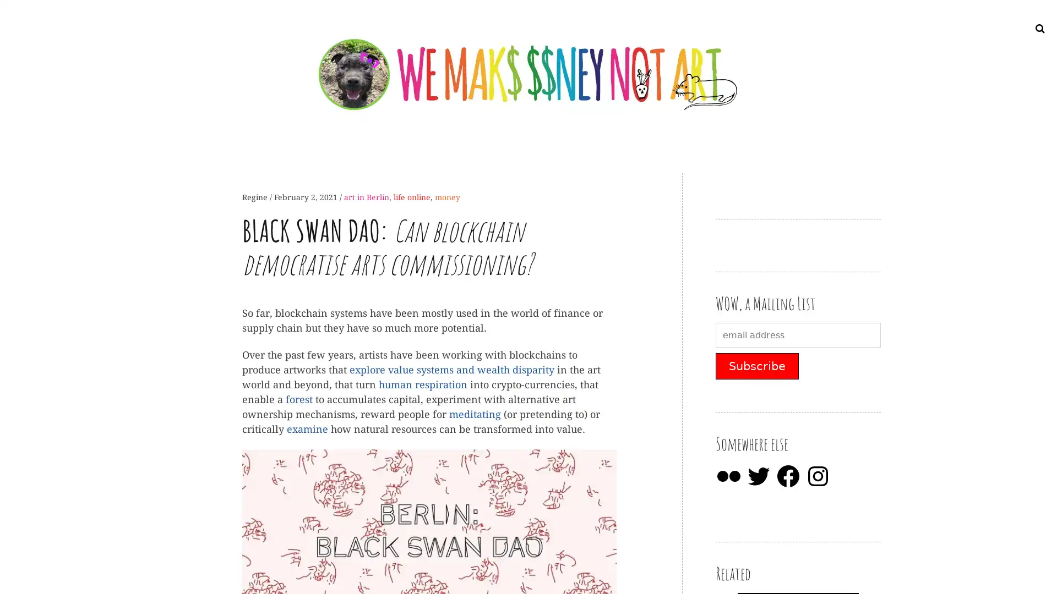  Describe the element at coordinates (756, 366) in the screenshot. I see `Subscribe` at that location.